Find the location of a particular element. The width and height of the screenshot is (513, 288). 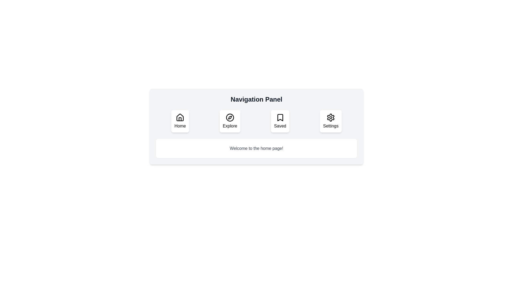

keyboard navigation is located at coordinates (180, 117).